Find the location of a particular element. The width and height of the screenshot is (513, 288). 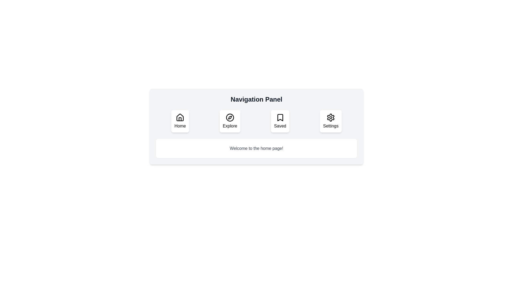

keyboard navigation is located at coordinates (180, 117).